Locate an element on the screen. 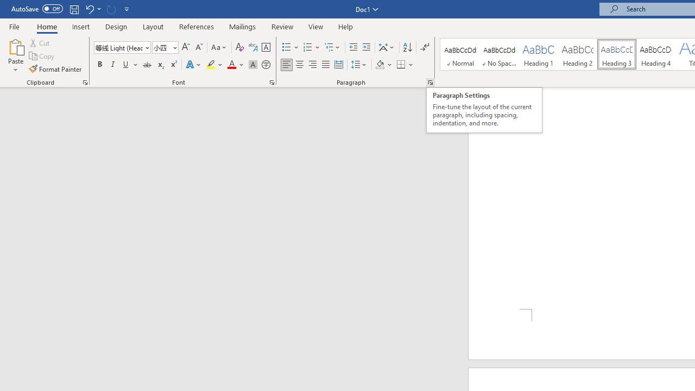 The height and width of the screenshot is (391, 695). 'Can' is located at coordinates (111, 9).